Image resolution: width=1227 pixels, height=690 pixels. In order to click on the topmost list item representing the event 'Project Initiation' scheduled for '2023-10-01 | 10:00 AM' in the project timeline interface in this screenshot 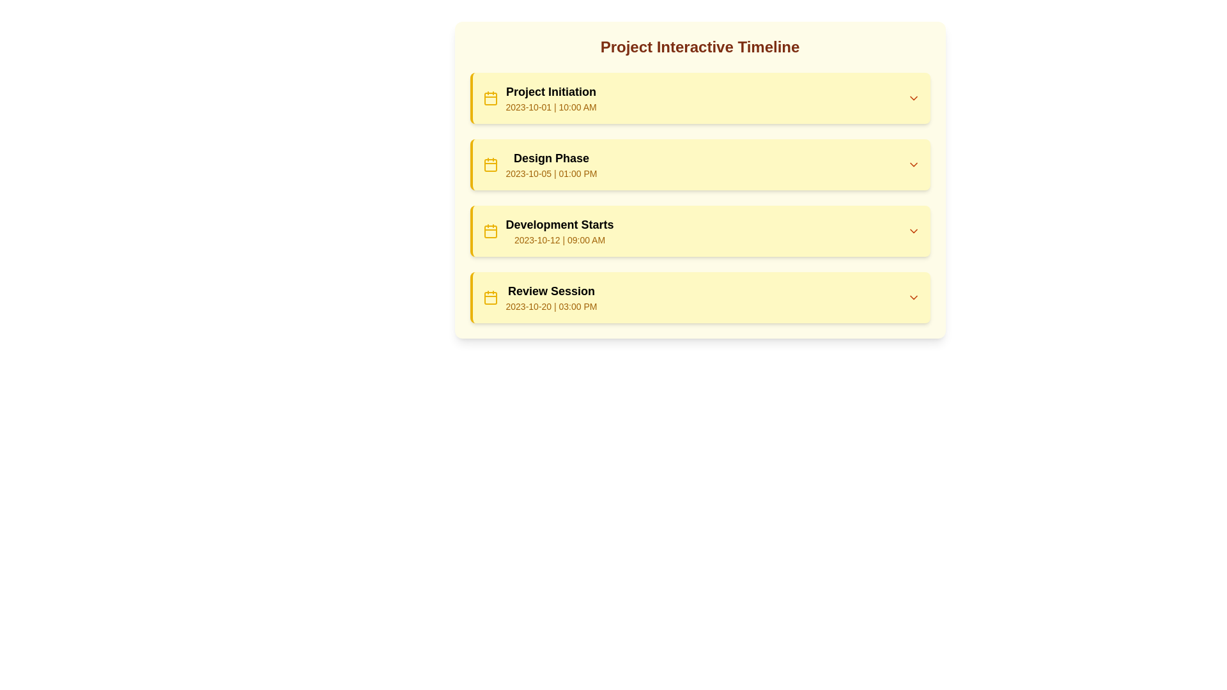, I will do `click(539, 98)`.